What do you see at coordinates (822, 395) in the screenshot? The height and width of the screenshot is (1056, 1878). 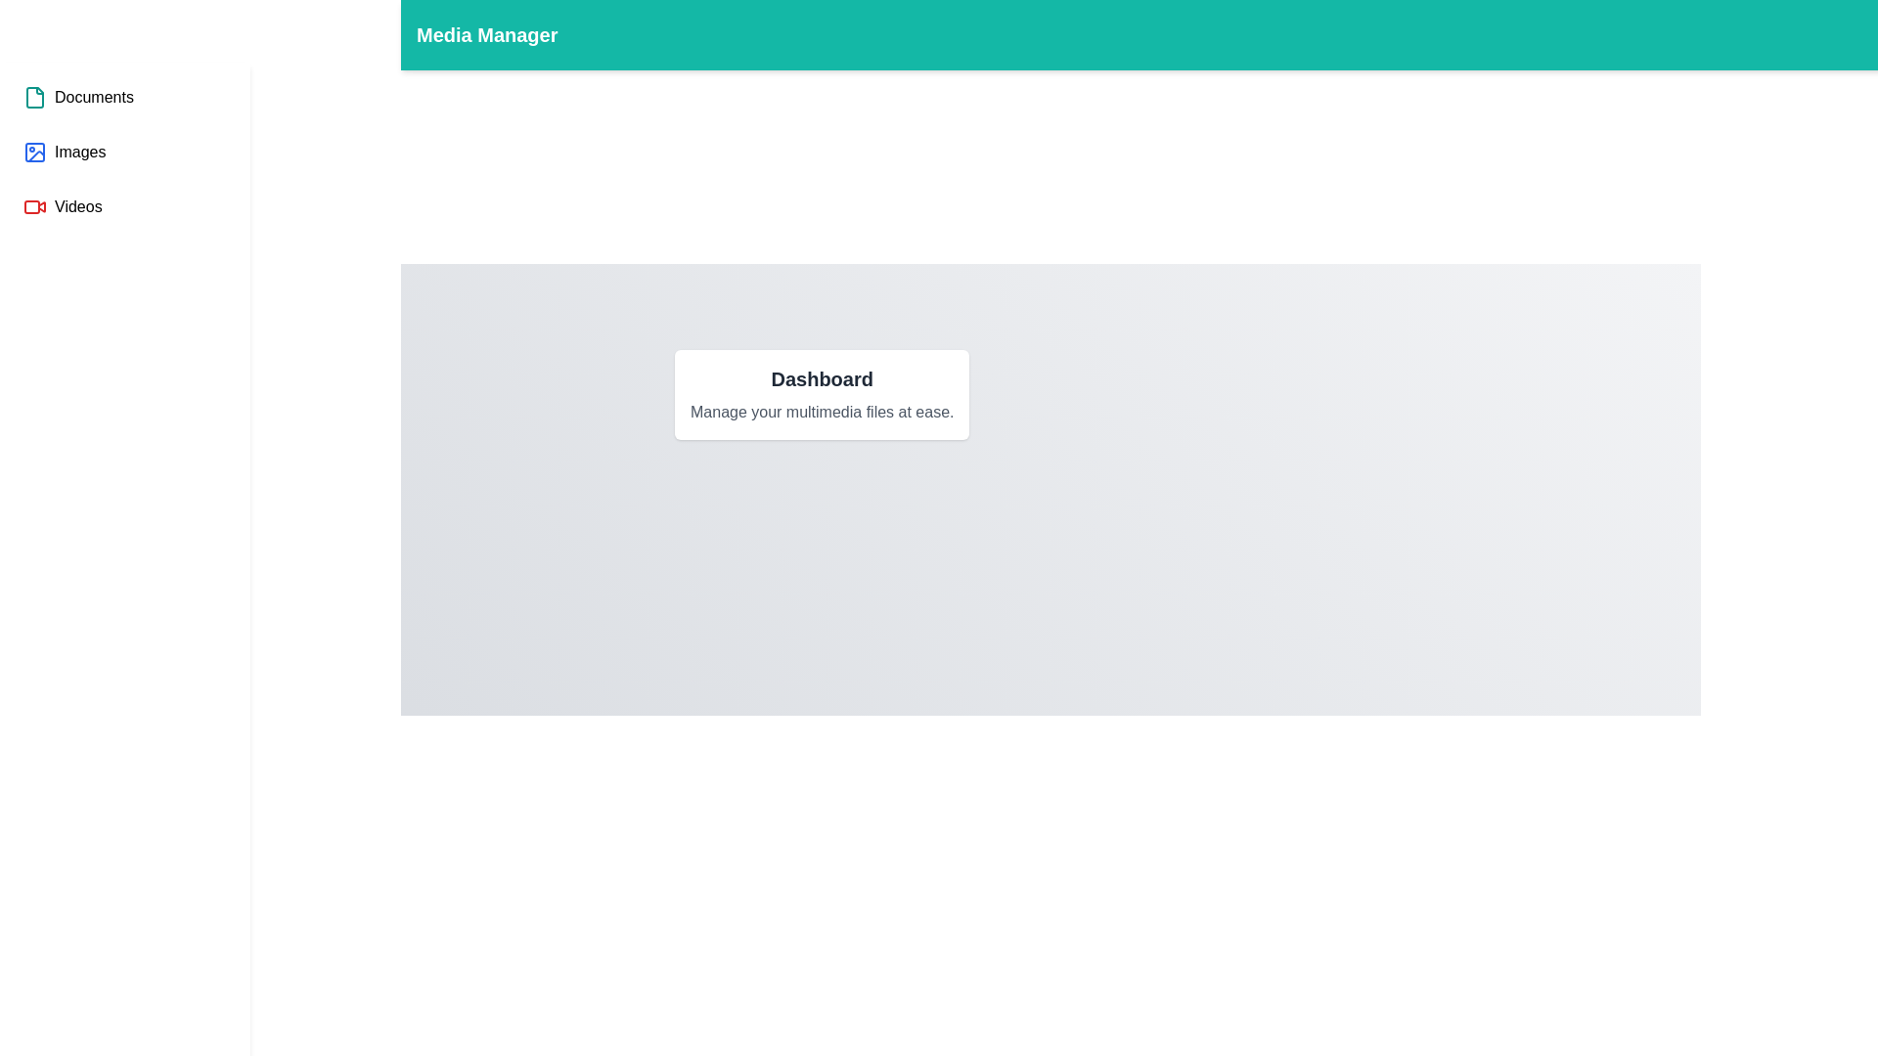 I see `the Informational Card that provides an overview of the dashboard functionality, positioned below the top green header bar and centered horizontally in the visible area` at bounding box center [822, 395].